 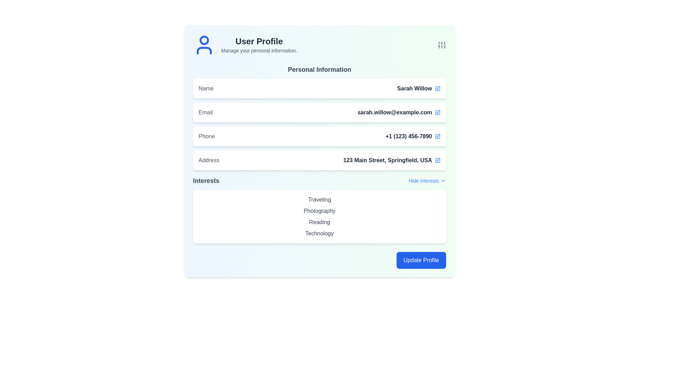 What do you see at coordinates (437, 88) in the screenshot?
I see `the edit icon button located in the 'Personal Information' section, immediately to the right of the 'Name' row for the user 'Sarah Willow'` at bounding box center [437, 88].